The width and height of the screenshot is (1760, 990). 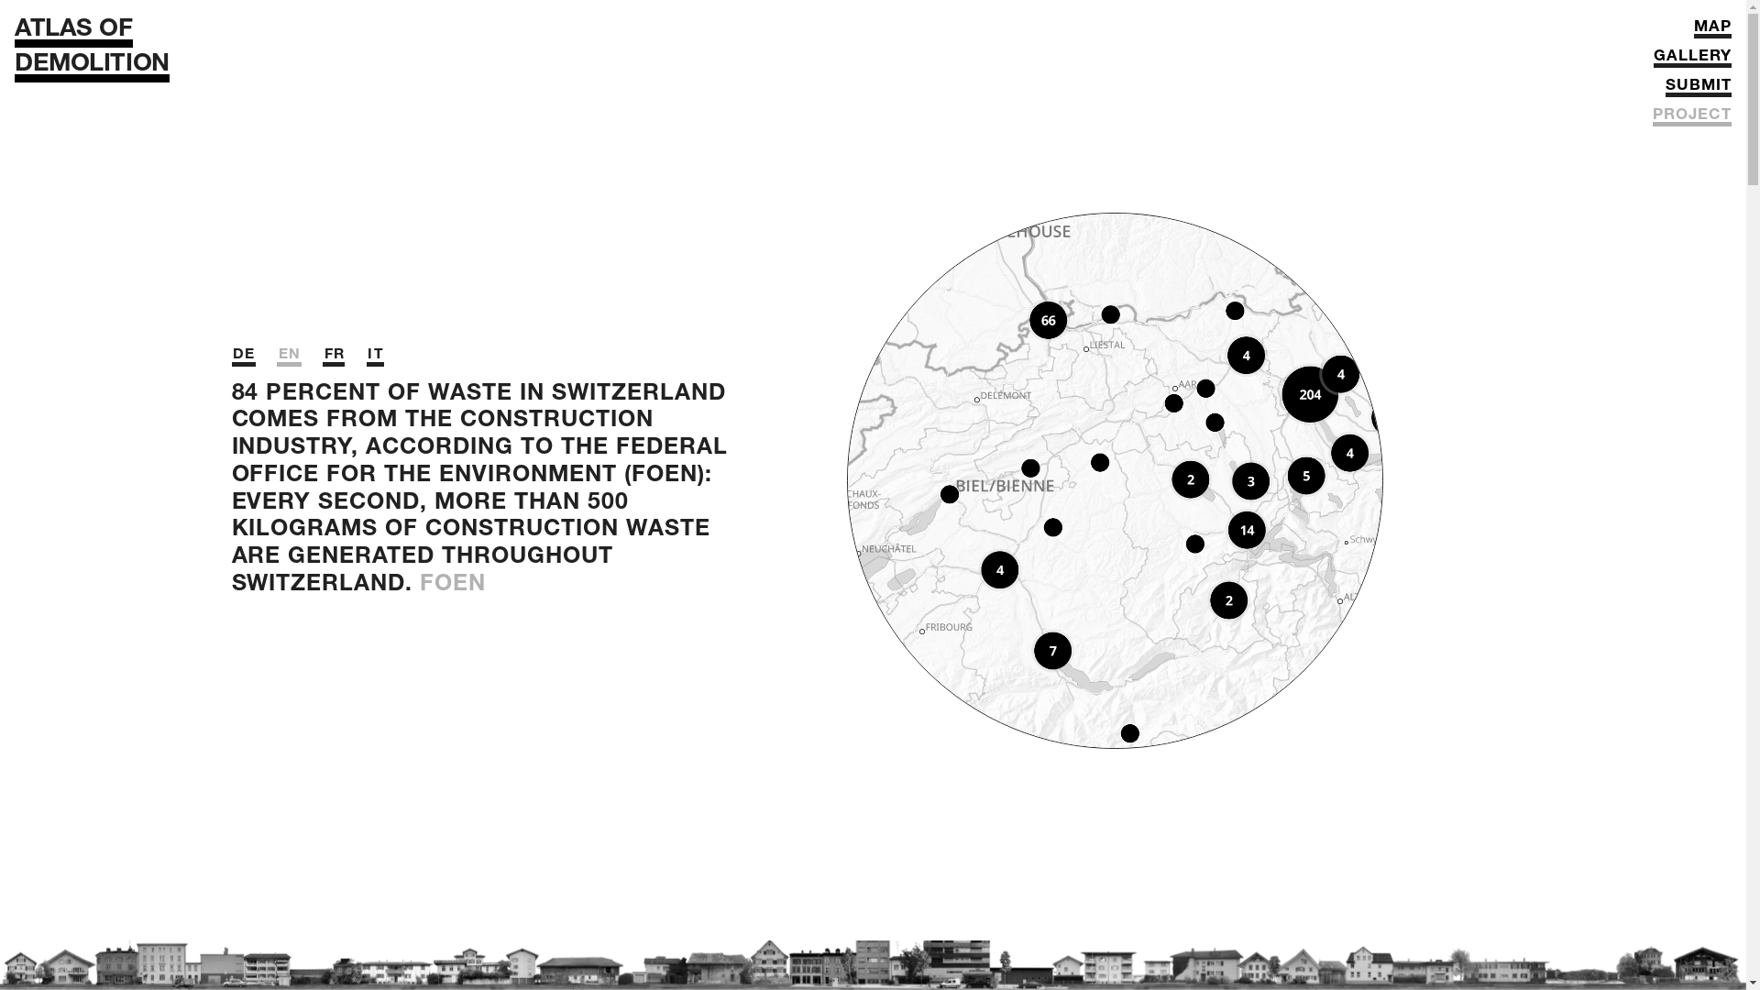 I want to click on 'FOEN', so click(x=418, y=585).